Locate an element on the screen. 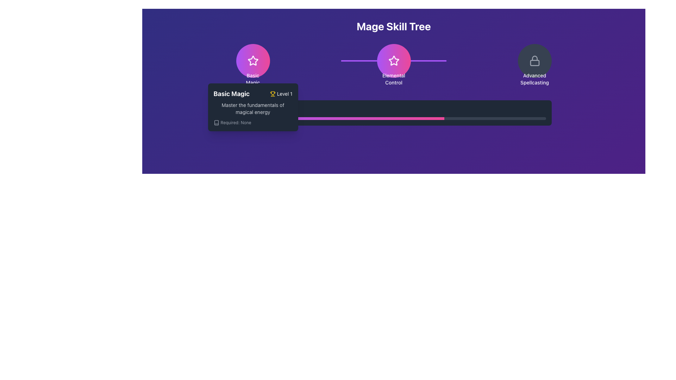 This screenshot has width=676, height=380. the Progress Bar Segment that visually represents the progress within the skill tree's progression bar, located towards the left and occupying two-thirds of the width of the horizontal progress bar is located at coordinates (343, 118).